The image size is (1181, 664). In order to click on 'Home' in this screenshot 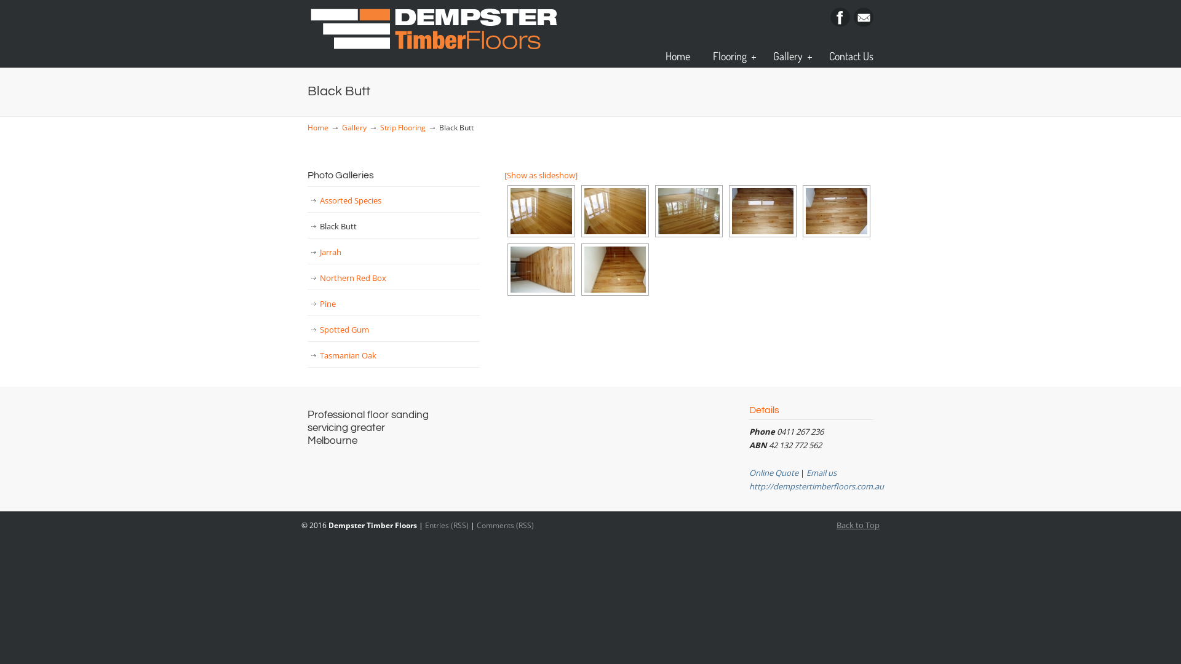, I will do `click(307, 127)`.